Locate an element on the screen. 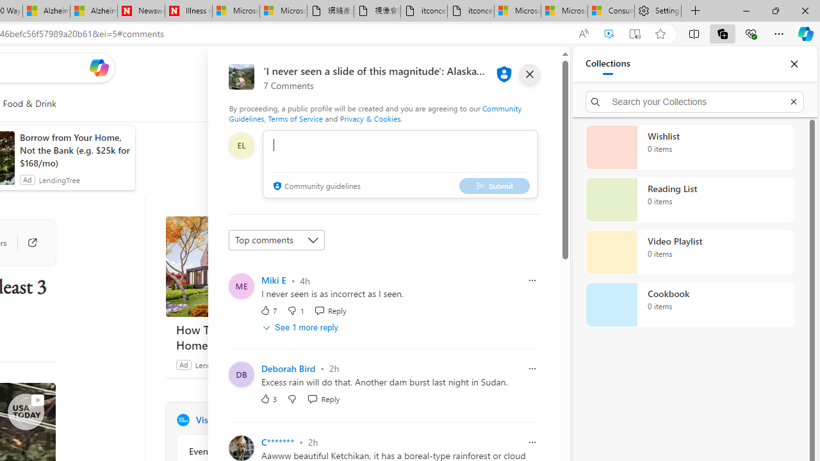 The height and width of the screenshot is (461, 820). 'See 1 more reply' is located at coordinates (301, 327).